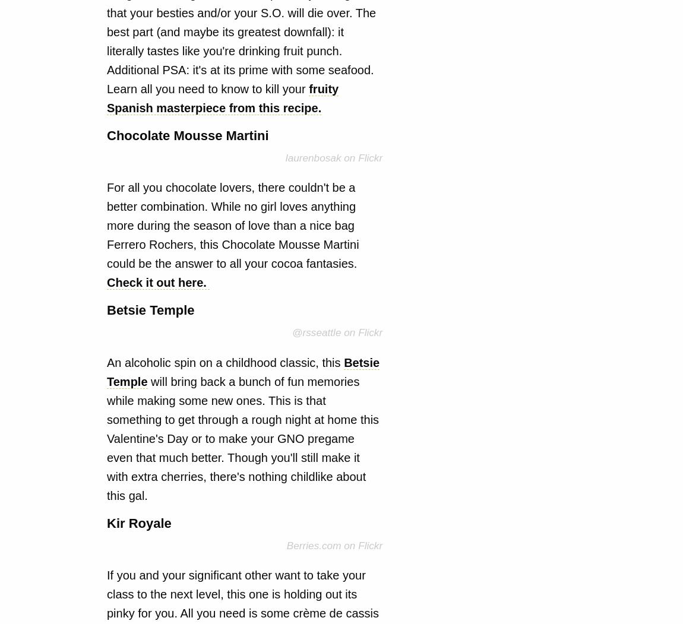  I want to click on 'Chocolate Mousse Martini', so click(188, 135).